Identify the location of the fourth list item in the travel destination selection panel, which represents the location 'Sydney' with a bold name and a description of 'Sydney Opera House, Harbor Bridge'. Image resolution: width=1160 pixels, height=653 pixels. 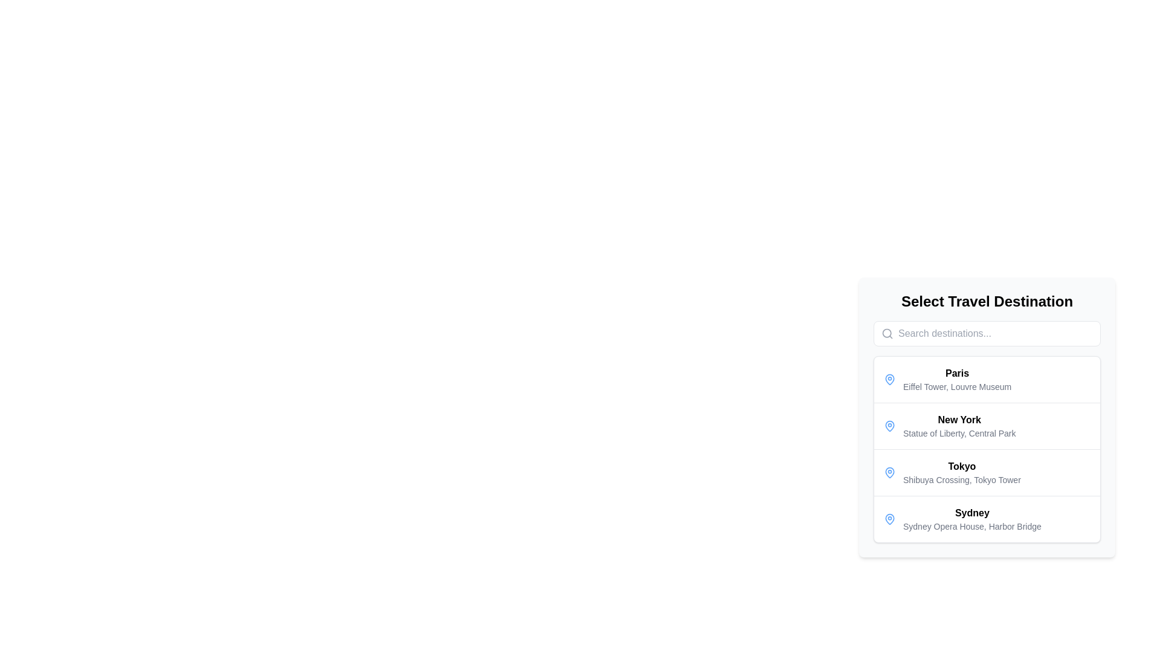
(987, 519).